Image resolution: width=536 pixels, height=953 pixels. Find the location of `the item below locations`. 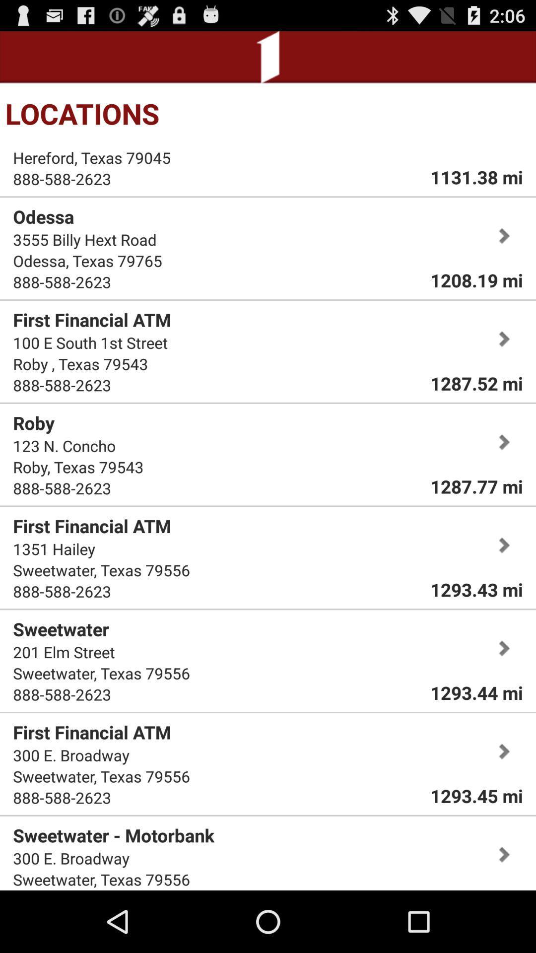

the item below locations is located at coordinates (476, 177).